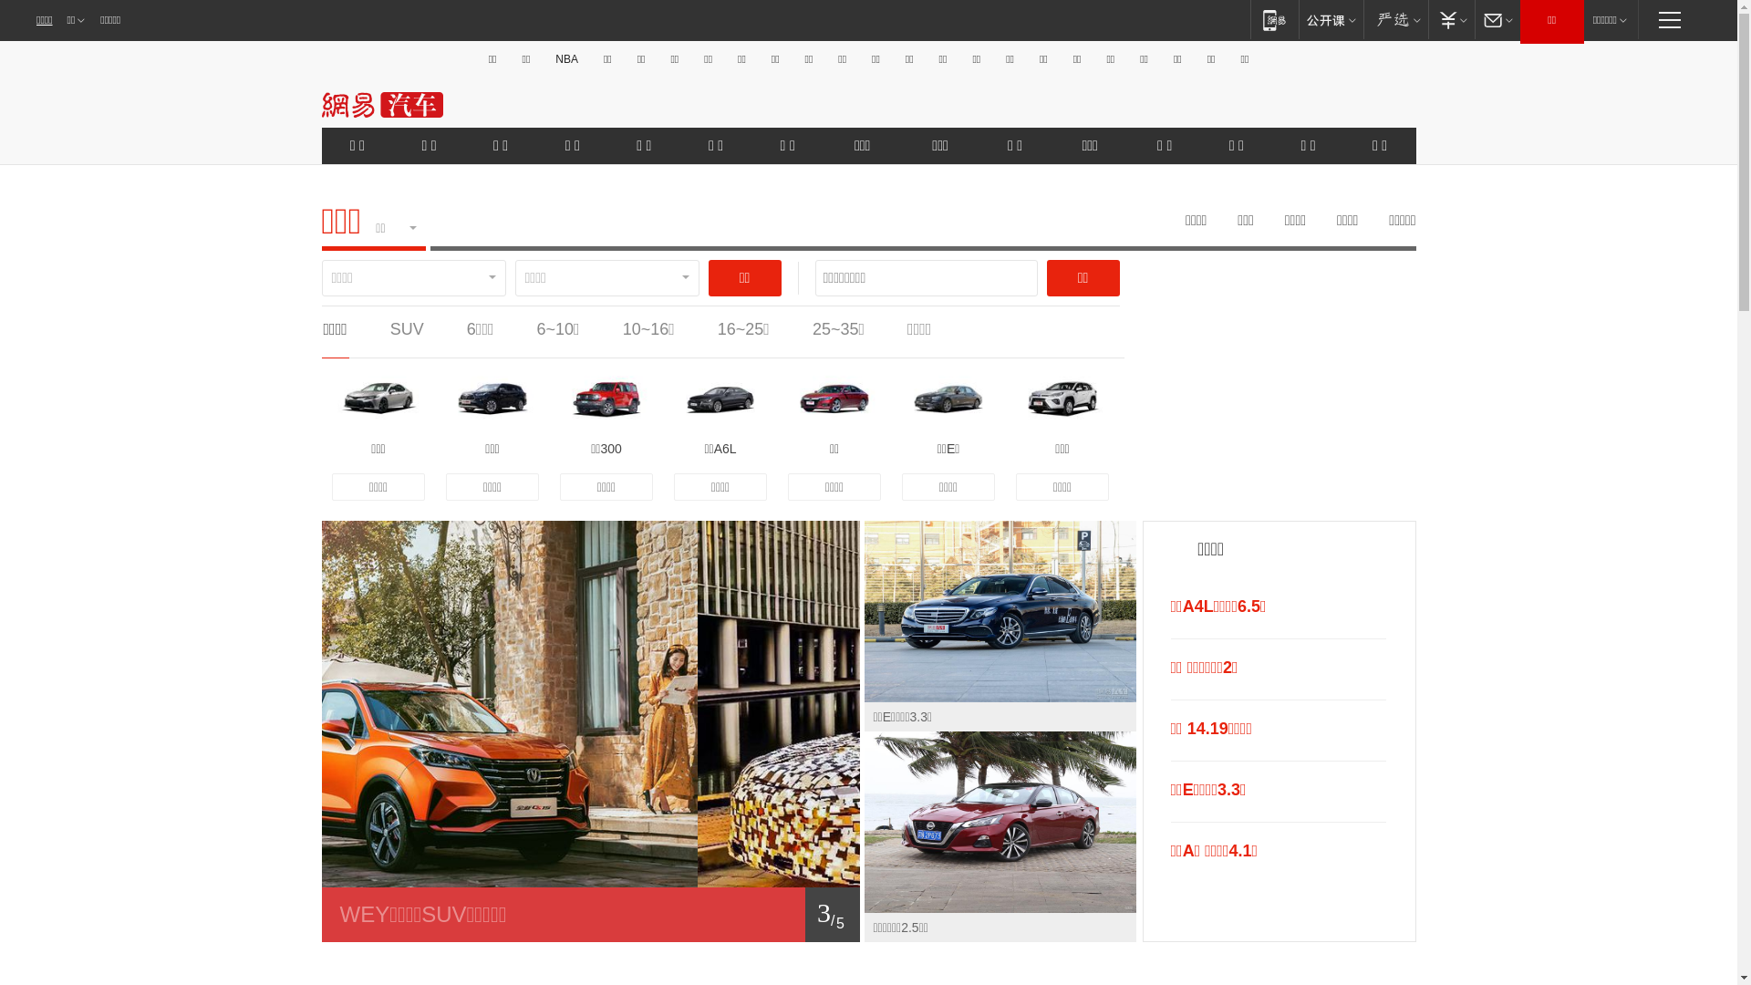 The image size is (1751, 985). What do you see at coordinates (406, 329) in the screenshot?
I see `'SUV'` at bounding box center [406, 329].